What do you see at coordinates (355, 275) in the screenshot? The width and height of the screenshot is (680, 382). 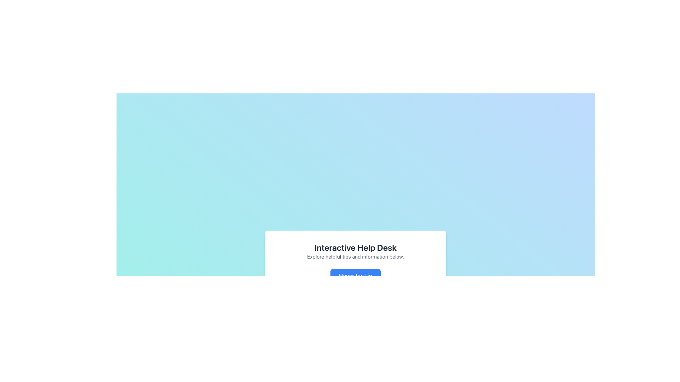 I see `the button with a blue background and white text "Hover for Tip" that is centered below the title text "Interactive Help Desk" in the help desk interface` at bounding box center [355, 275].